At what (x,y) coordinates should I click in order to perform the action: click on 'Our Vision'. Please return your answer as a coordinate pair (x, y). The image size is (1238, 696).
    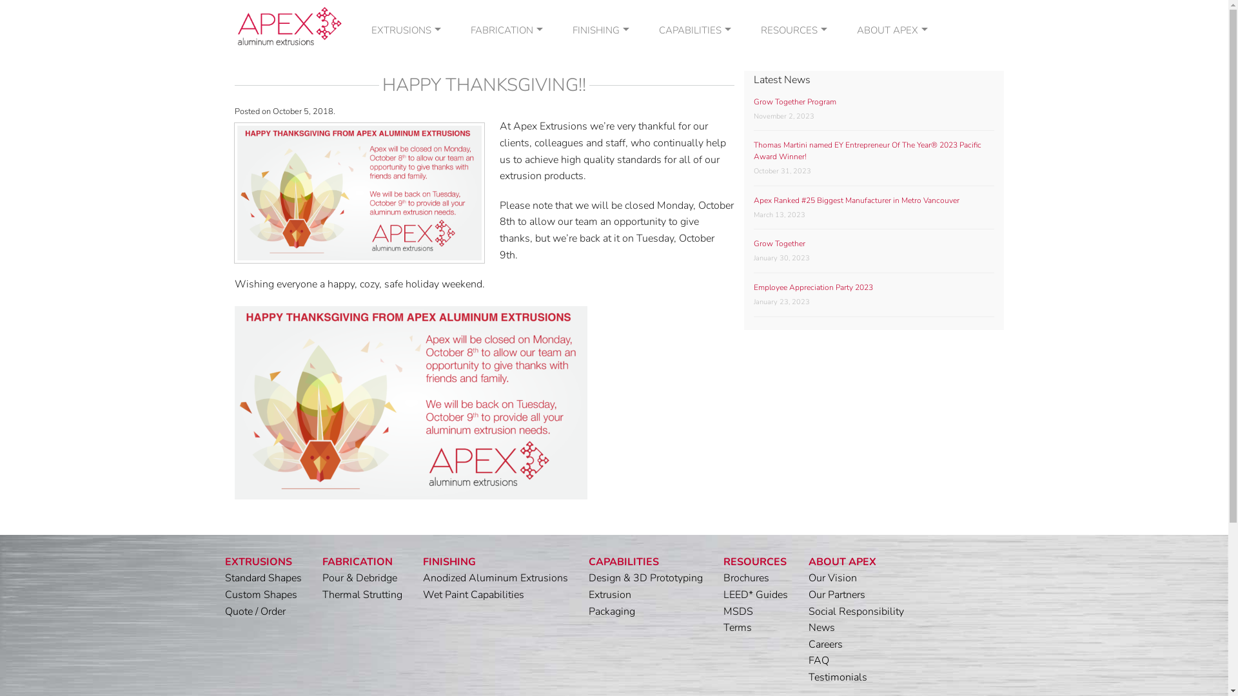
    Looking at the image, I should click on (832, 577).